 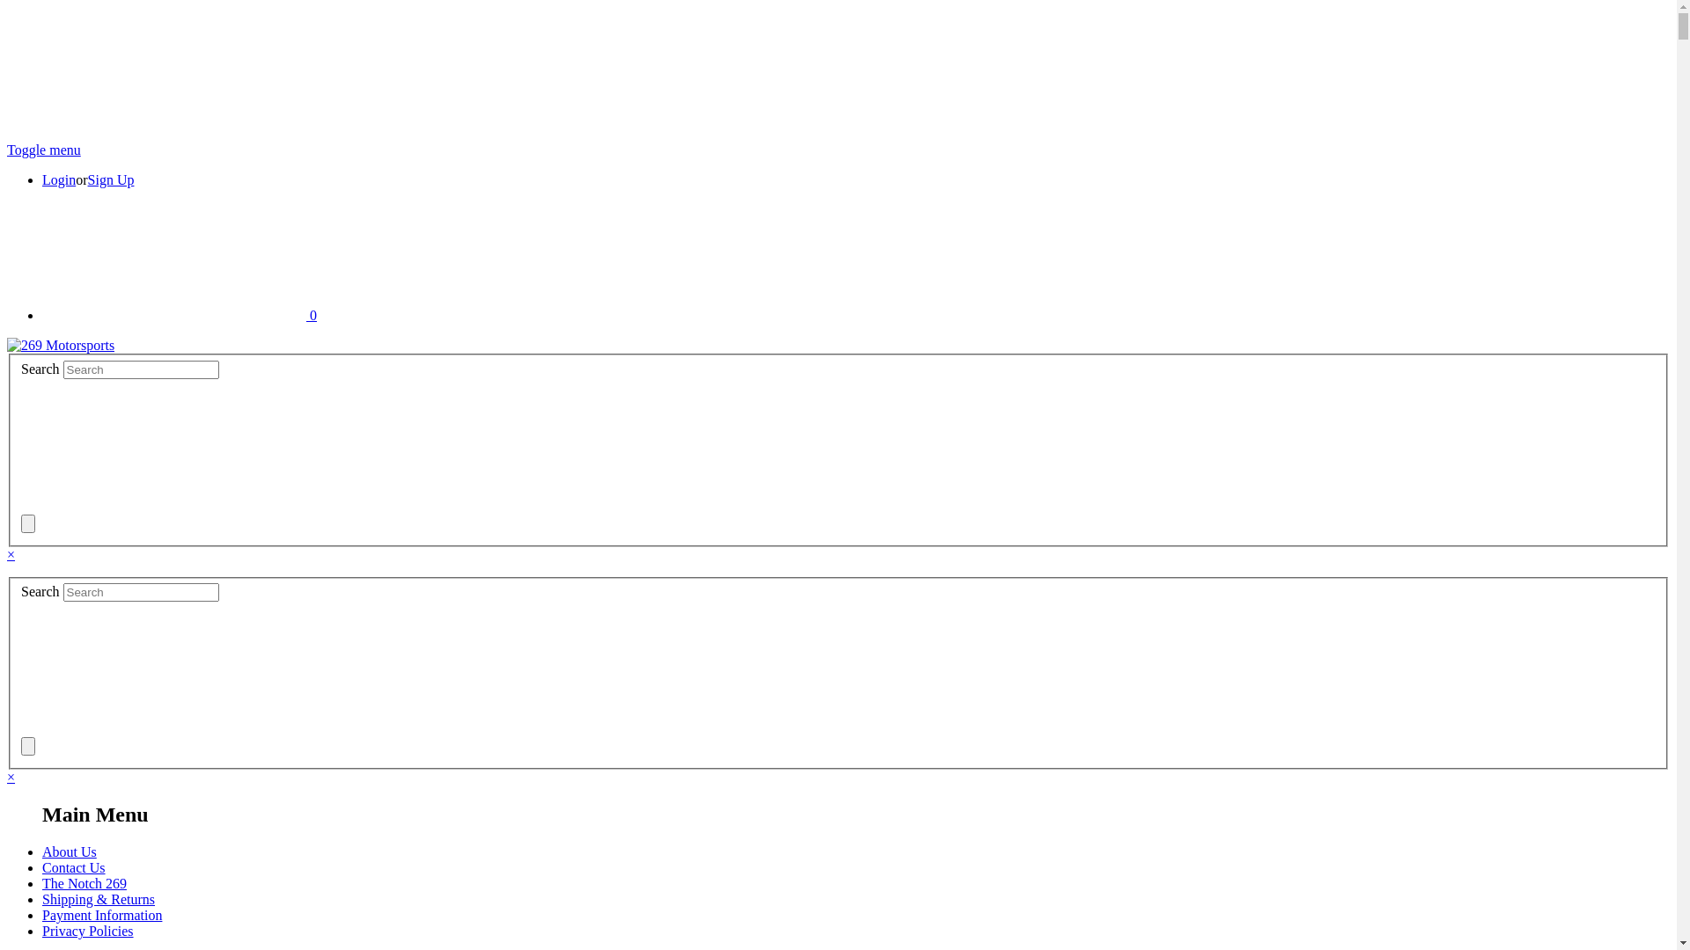 What do you see at coordinates (87, 930) in the screenshot?
I see `'Privacy Policies'` at bounding box center [87, 930].